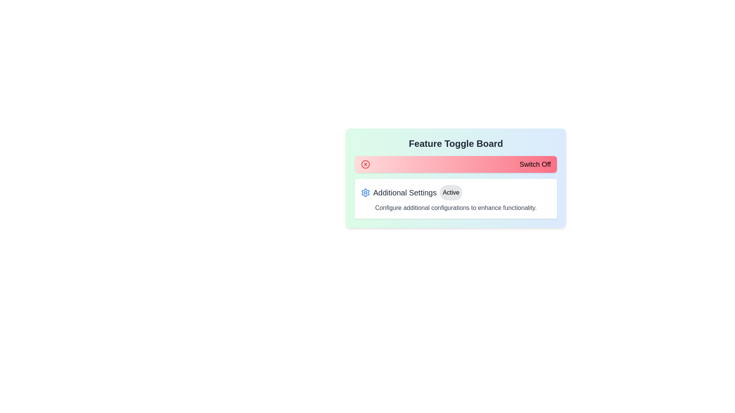  I want to click on the circular SVG graphic that serves as the 'close' icon located in the top-left corner of the red area in the 'Feature Toggle Board', so click(365, 164).